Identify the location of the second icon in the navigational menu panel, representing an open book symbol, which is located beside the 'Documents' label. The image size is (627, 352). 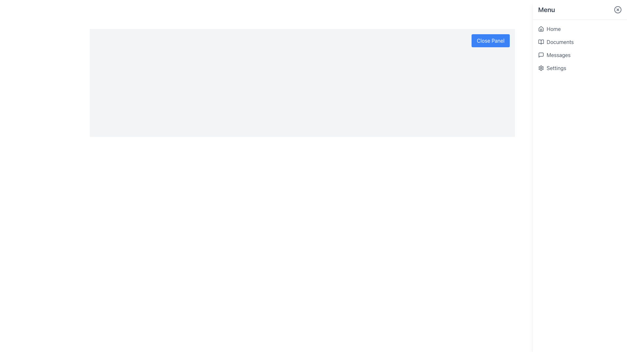
(541, 42).